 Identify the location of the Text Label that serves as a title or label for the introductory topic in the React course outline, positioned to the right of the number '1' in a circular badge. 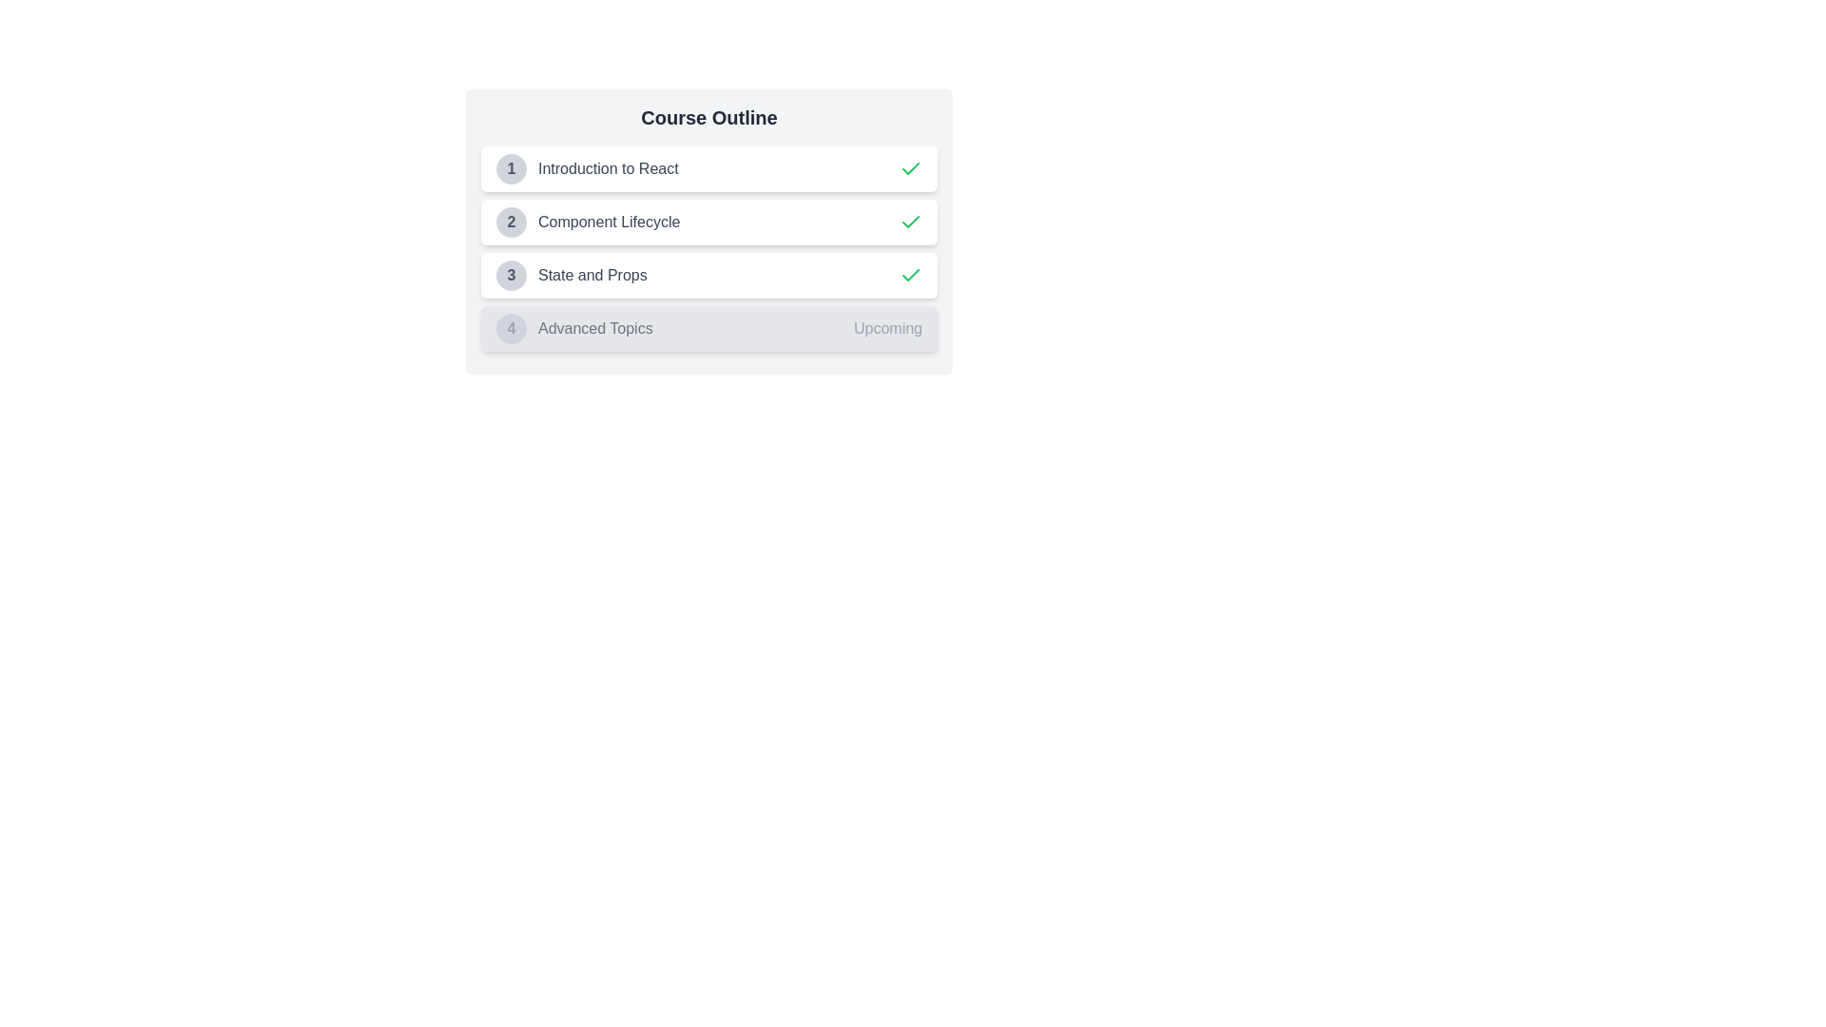
(607, 167).